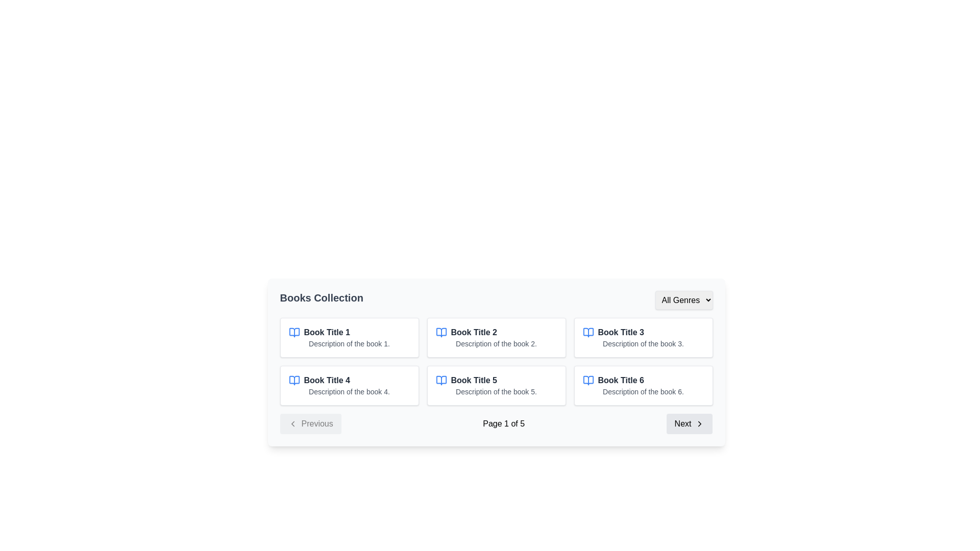 This screenshot has height=551, width=980. Describe the element at coordinates (349, 386) in the screenshot. I see `the Information card containing 'Book Title 4' and 'Description of the book 4.' which is located in the first column of the second row in a 3-column grid layout` at that location.